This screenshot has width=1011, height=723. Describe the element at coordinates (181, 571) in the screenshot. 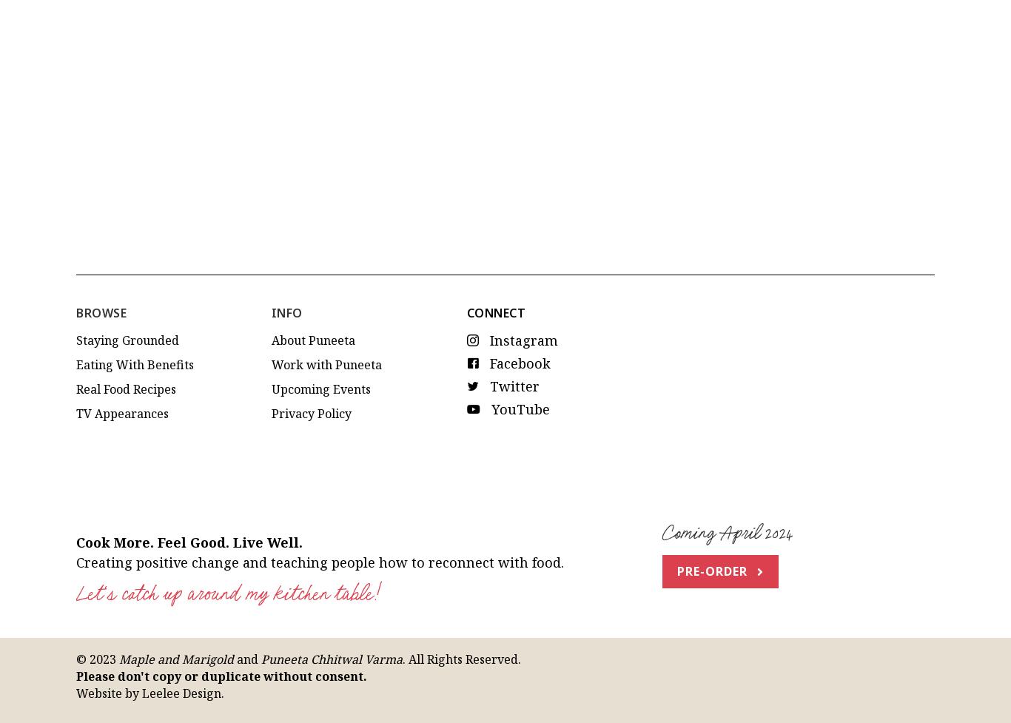

I see `'Leelee Design'` at that location.